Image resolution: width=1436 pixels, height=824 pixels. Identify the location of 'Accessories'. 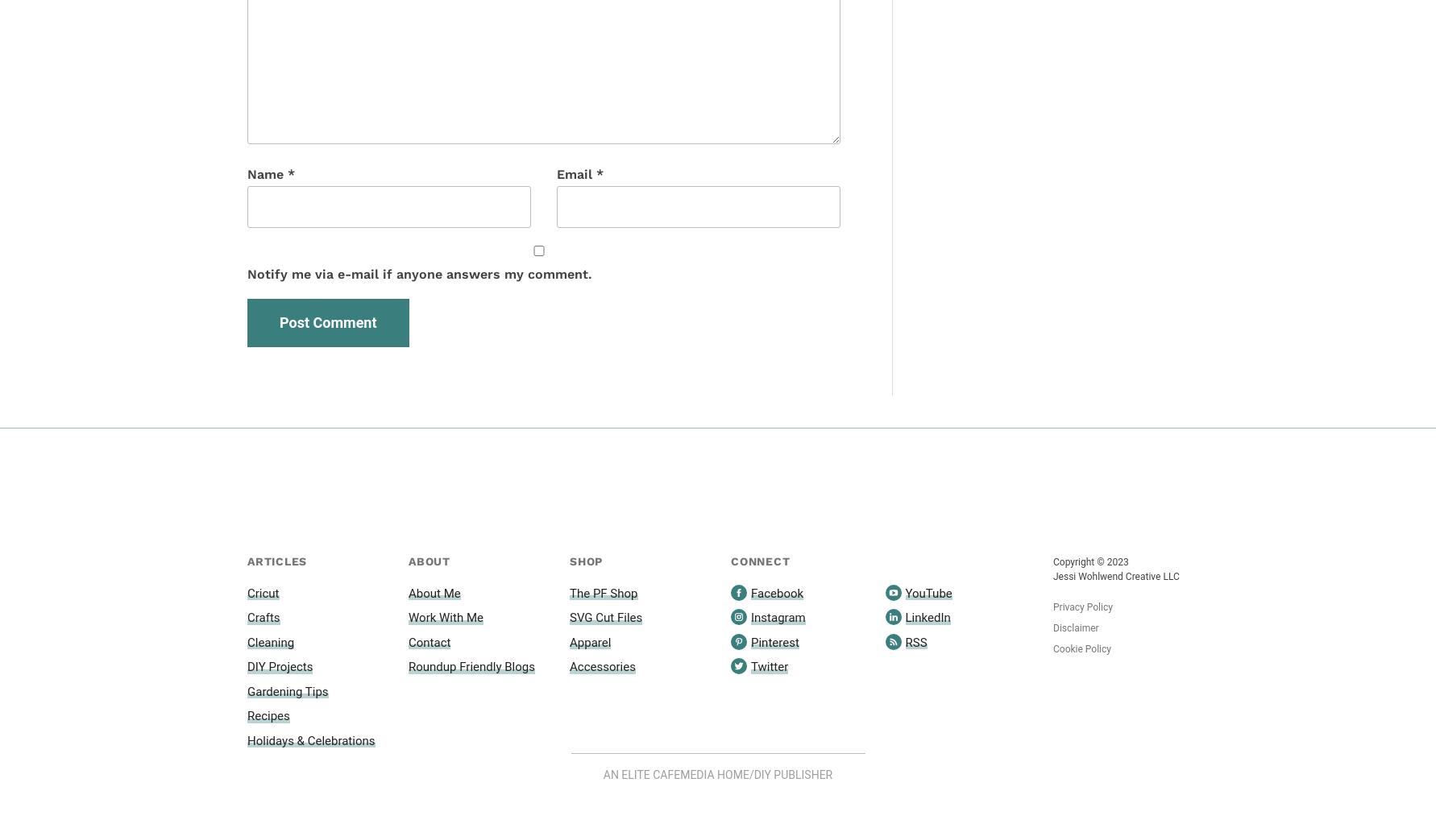
(602, 666).